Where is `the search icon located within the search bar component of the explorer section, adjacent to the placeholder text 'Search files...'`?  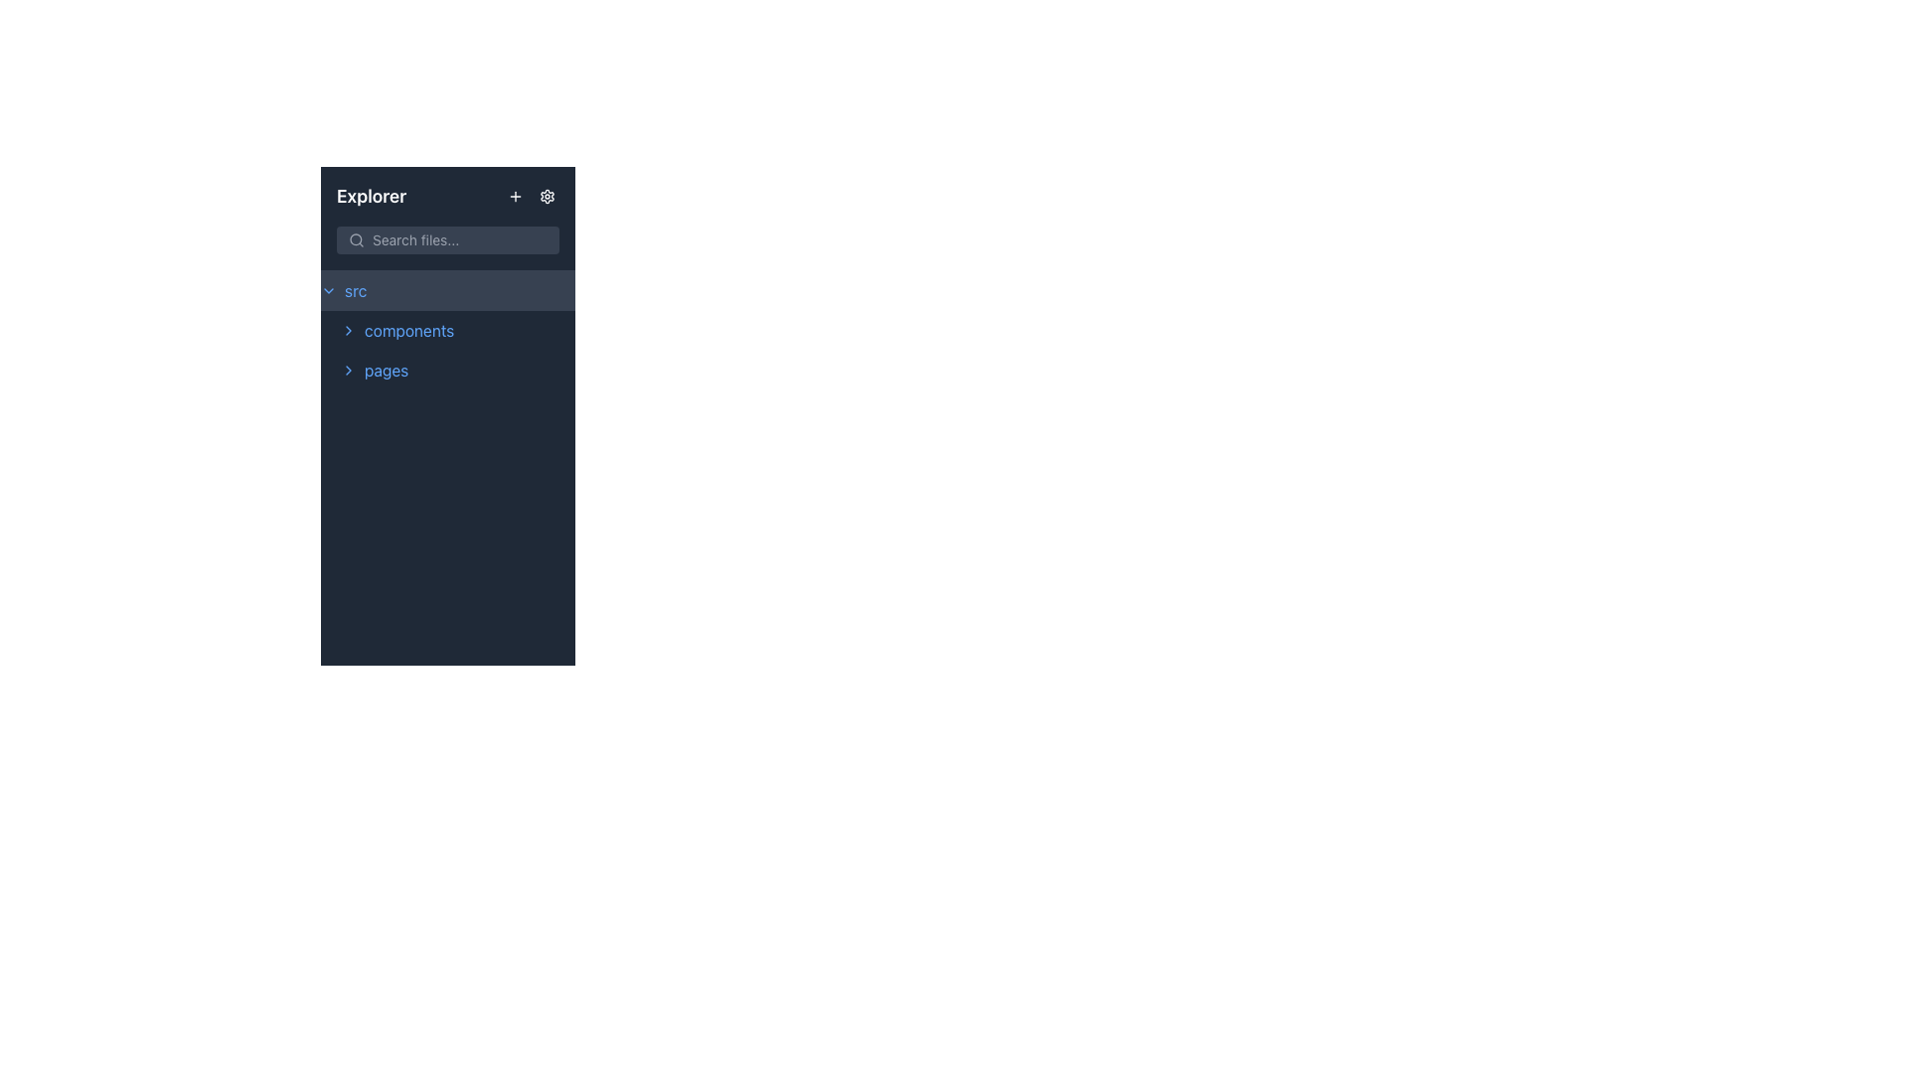
the search icon located within the search bar component of the explorer section, adjacent to the placeholder text 'Search files...' is located at coordinates (357, 239).